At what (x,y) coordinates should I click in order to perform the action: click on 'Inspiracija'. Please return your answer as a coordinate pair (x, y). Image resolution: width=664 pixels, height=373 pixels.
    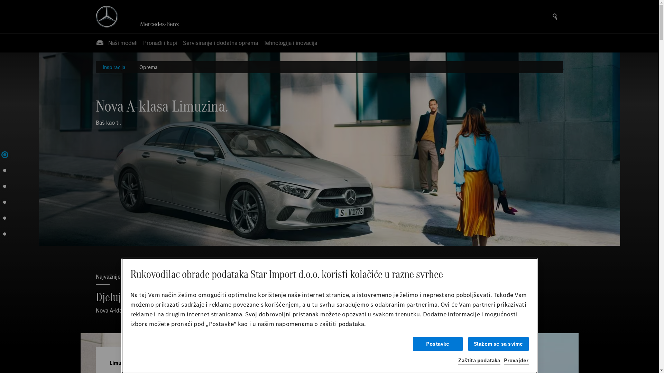
    Looking at the image, I should click on (114, 67).